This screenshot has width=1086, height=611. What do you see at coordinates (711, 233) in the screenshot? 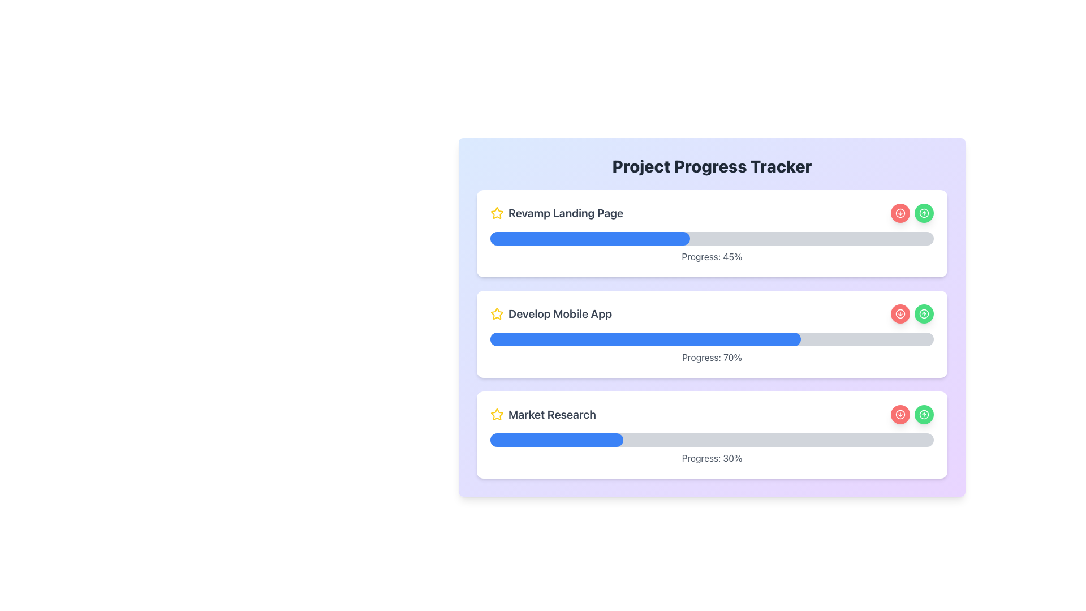
I see `the first task card in the project progress tracker, which displays the task name and its completion status` at bounding box center [711, 233].